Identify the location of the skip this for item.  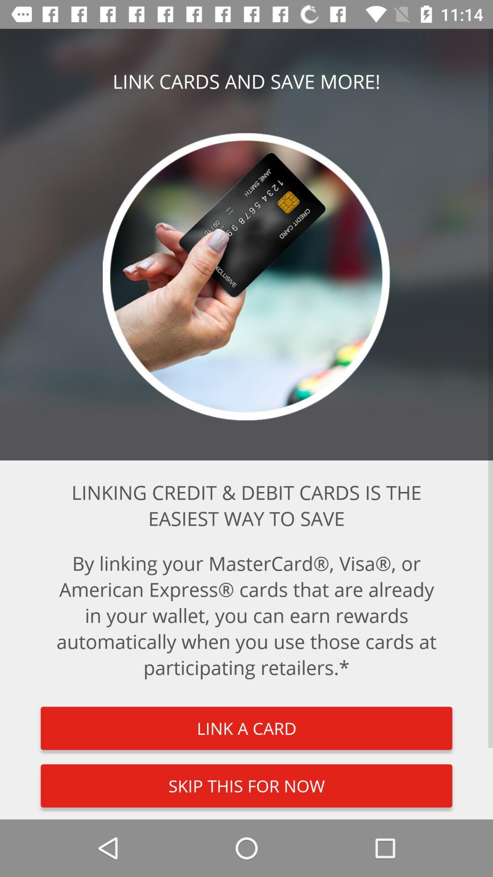
(246, 785).